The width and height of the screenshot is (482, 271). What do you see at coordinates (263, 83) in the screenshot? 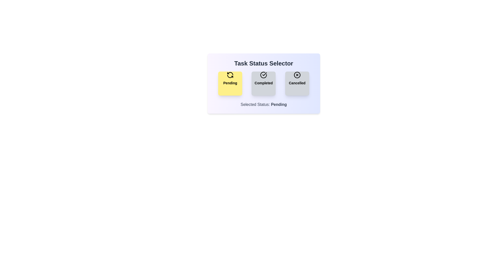
I see `the Completed button to observe its hover effect` at bounding box center [263, 83].